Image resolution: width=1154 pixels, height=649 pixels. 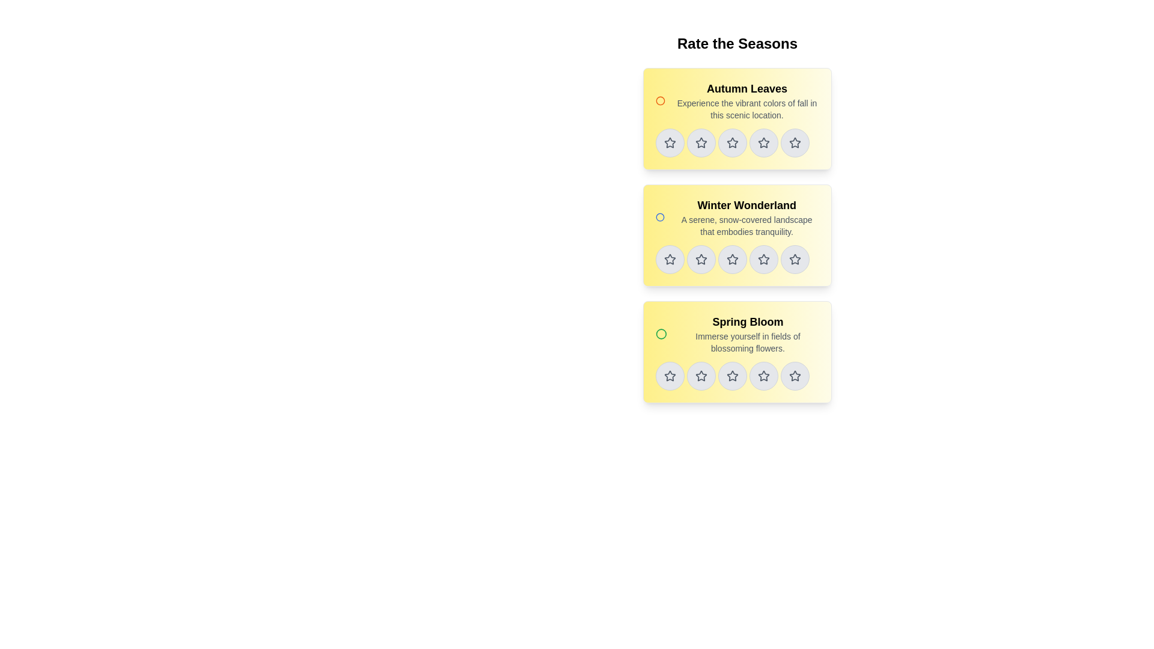 I want to click on the fourth star icon in the second row of the interactive star ratings within the 'Winter Wonderland' section to give it a rating, so click(x=732, y=259).